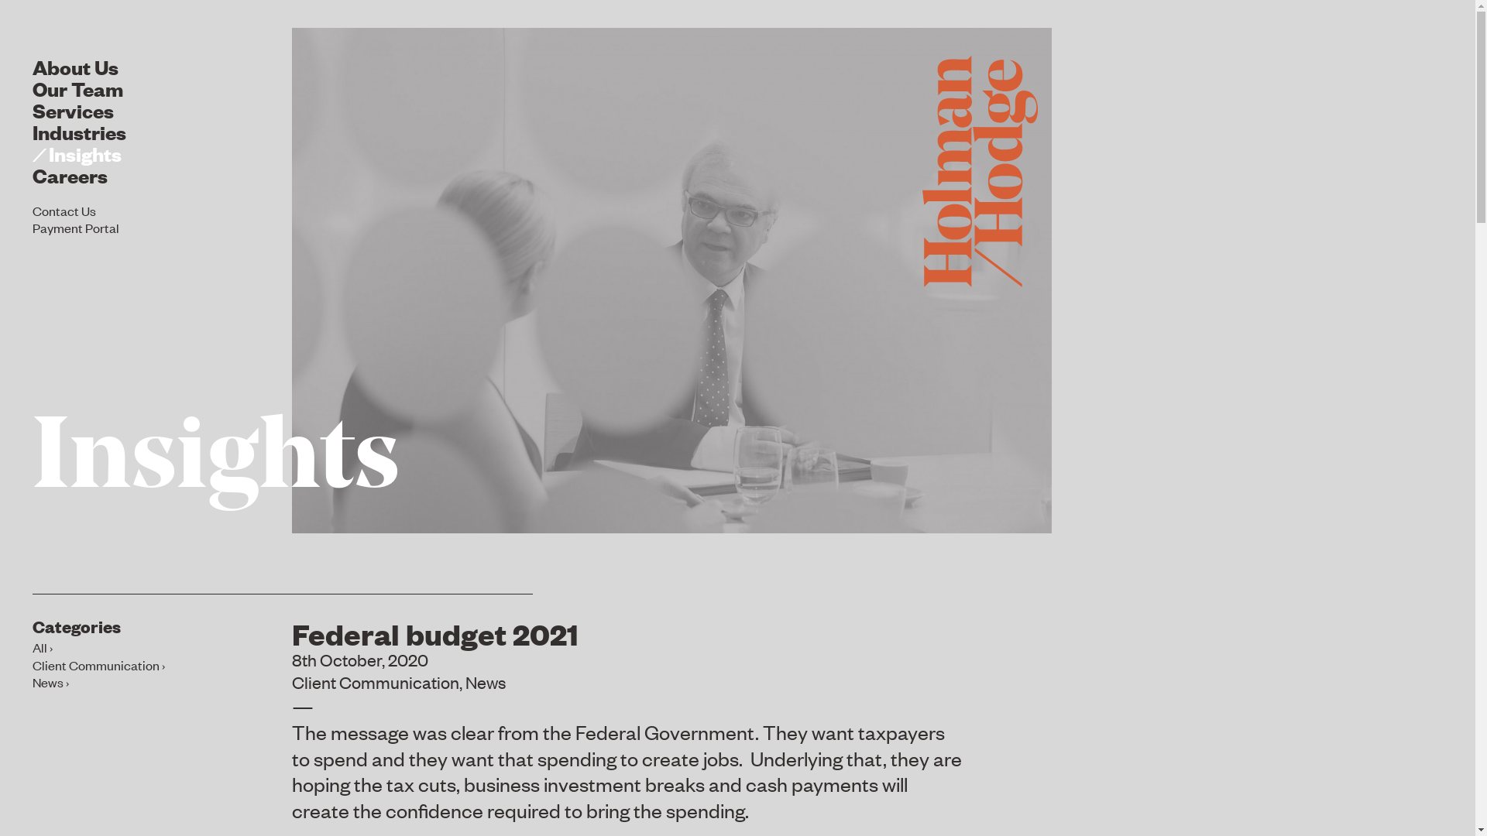 The height and width of the screenshot is (836, 1487). What do you see at coordinates (215, 461) in the screenshot?
I see `'Insights'` at bounding box center [215, 461].